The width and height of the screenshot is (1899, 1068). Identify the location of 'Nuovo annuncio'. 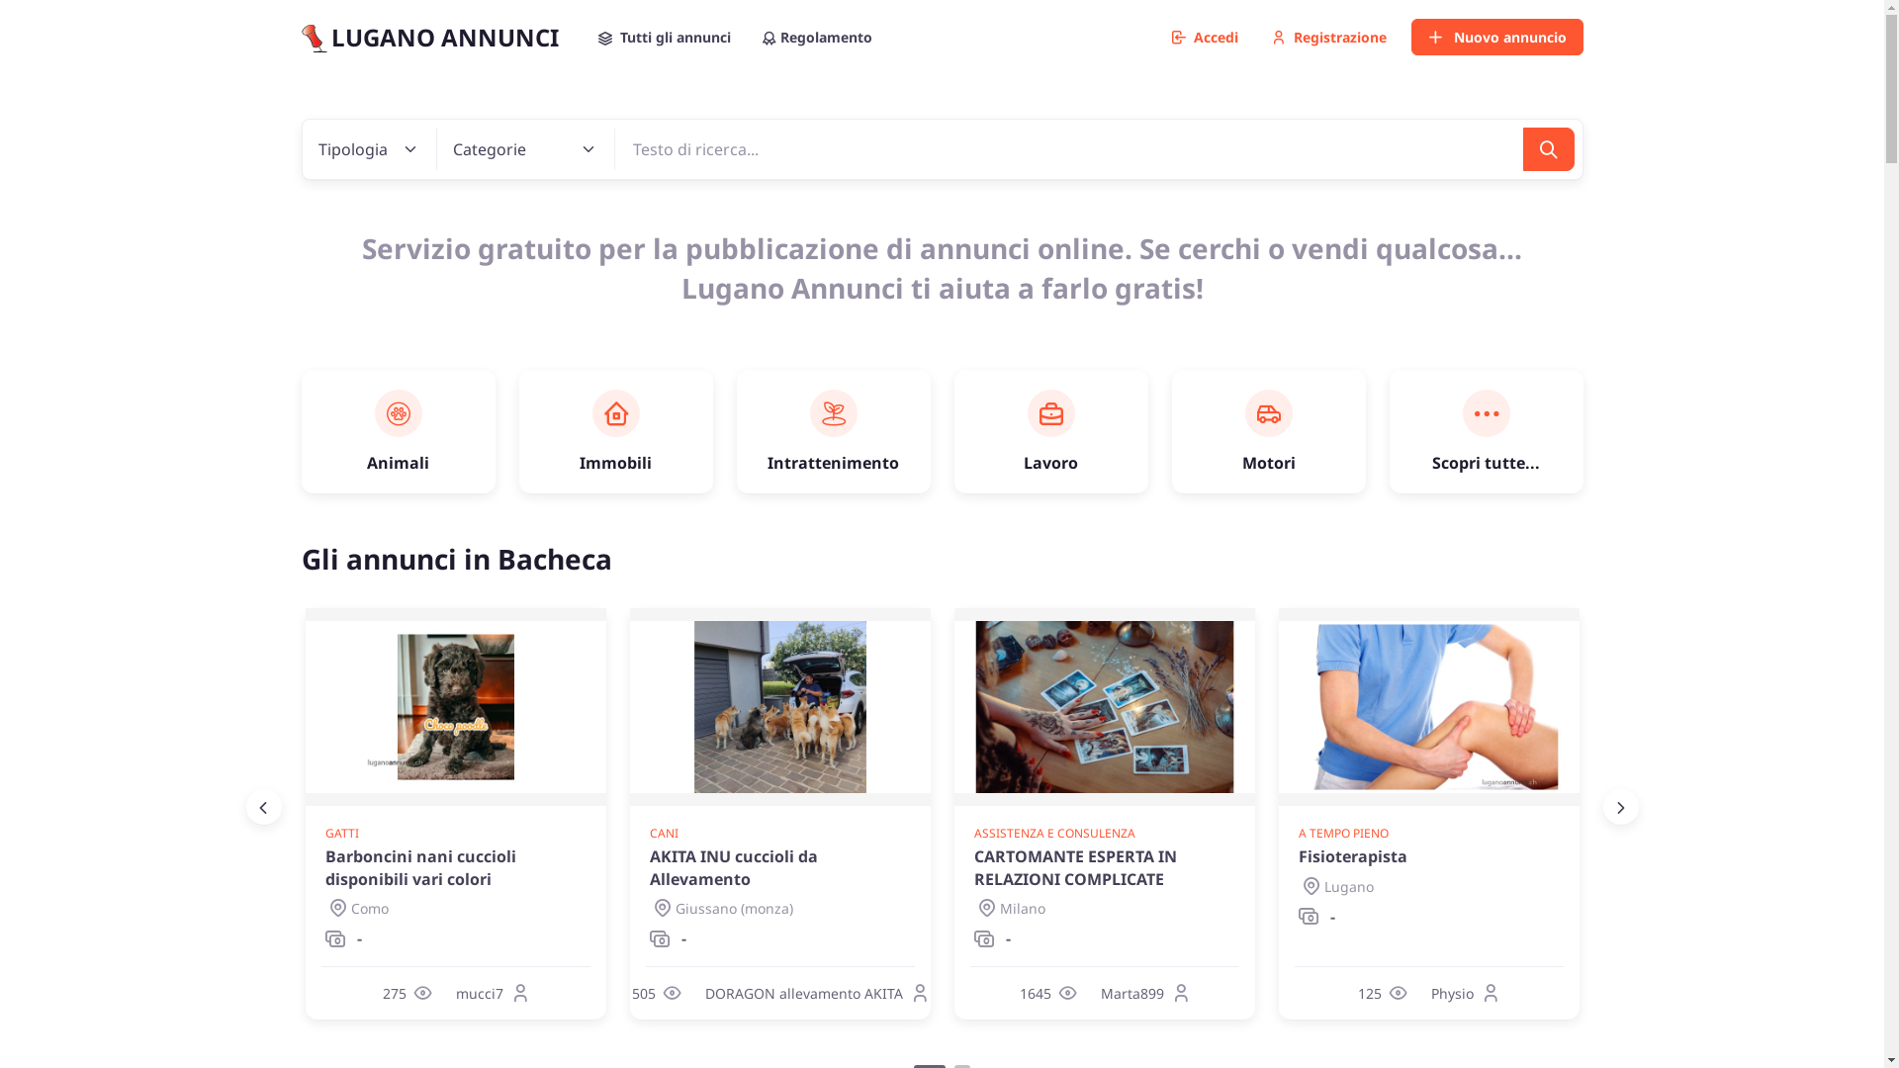
(1495, 37).